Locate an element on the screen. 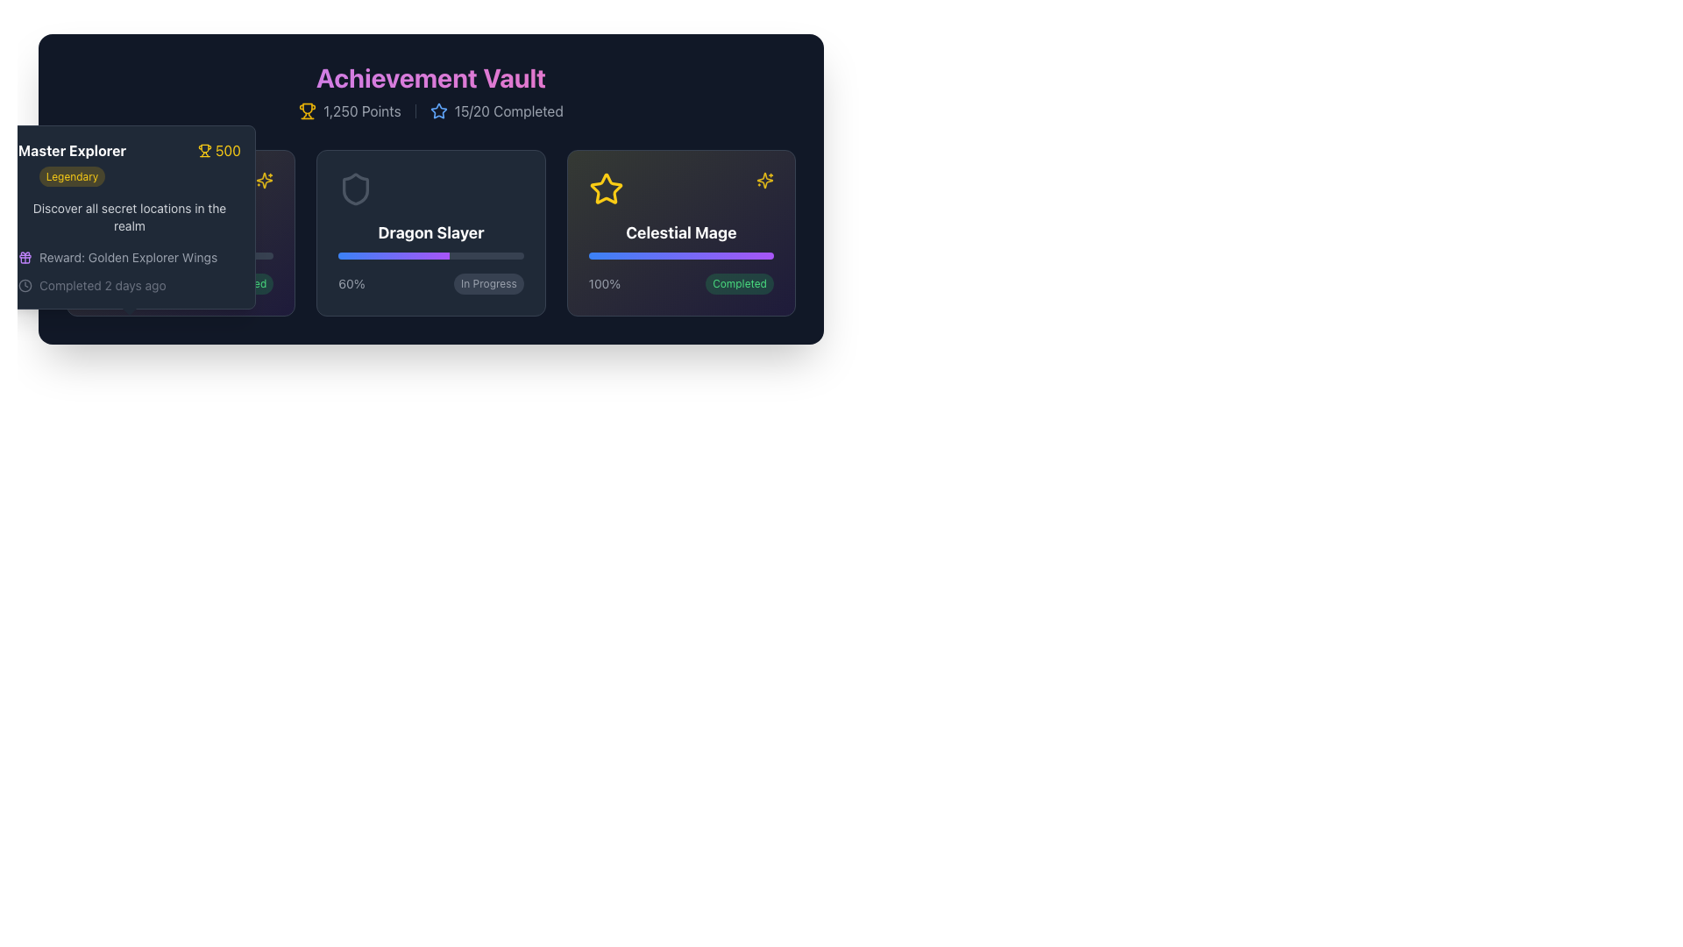  central circle of the clock icon located in the top-left segment of the 'Master Explorer' interface card is located at coordinates (25, 285).